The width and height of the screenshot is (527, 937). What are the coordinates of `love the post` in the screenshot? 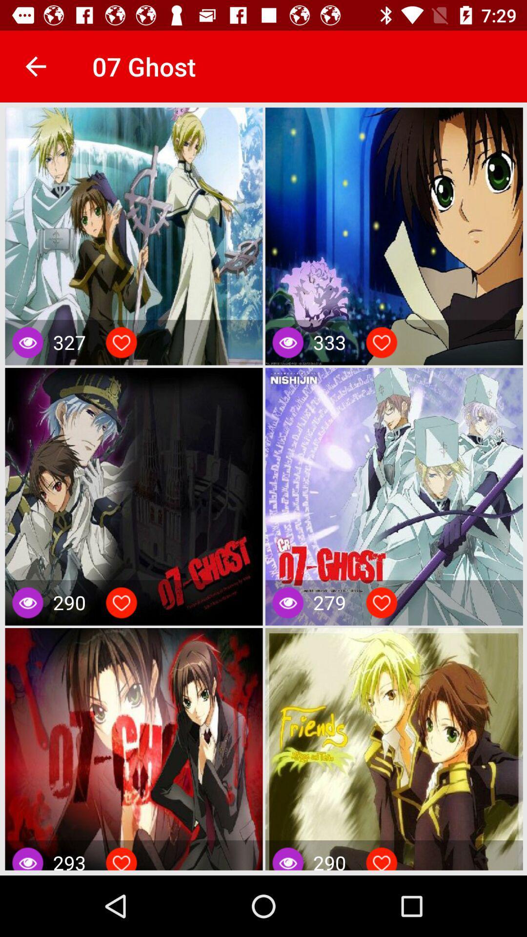 It's located at (121, 342).